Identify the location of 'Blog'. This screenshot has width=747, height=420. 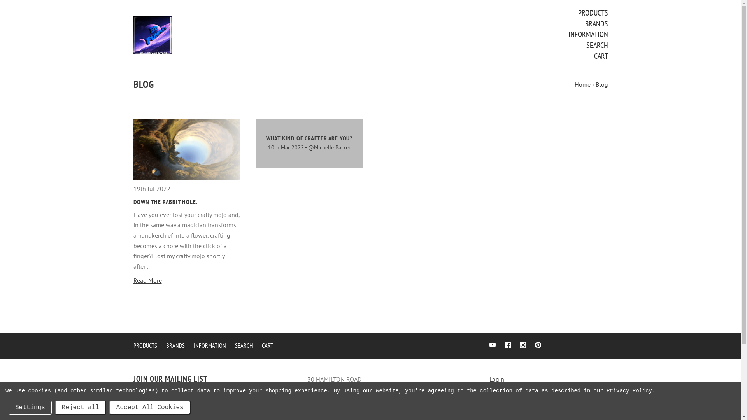
(595, 84).